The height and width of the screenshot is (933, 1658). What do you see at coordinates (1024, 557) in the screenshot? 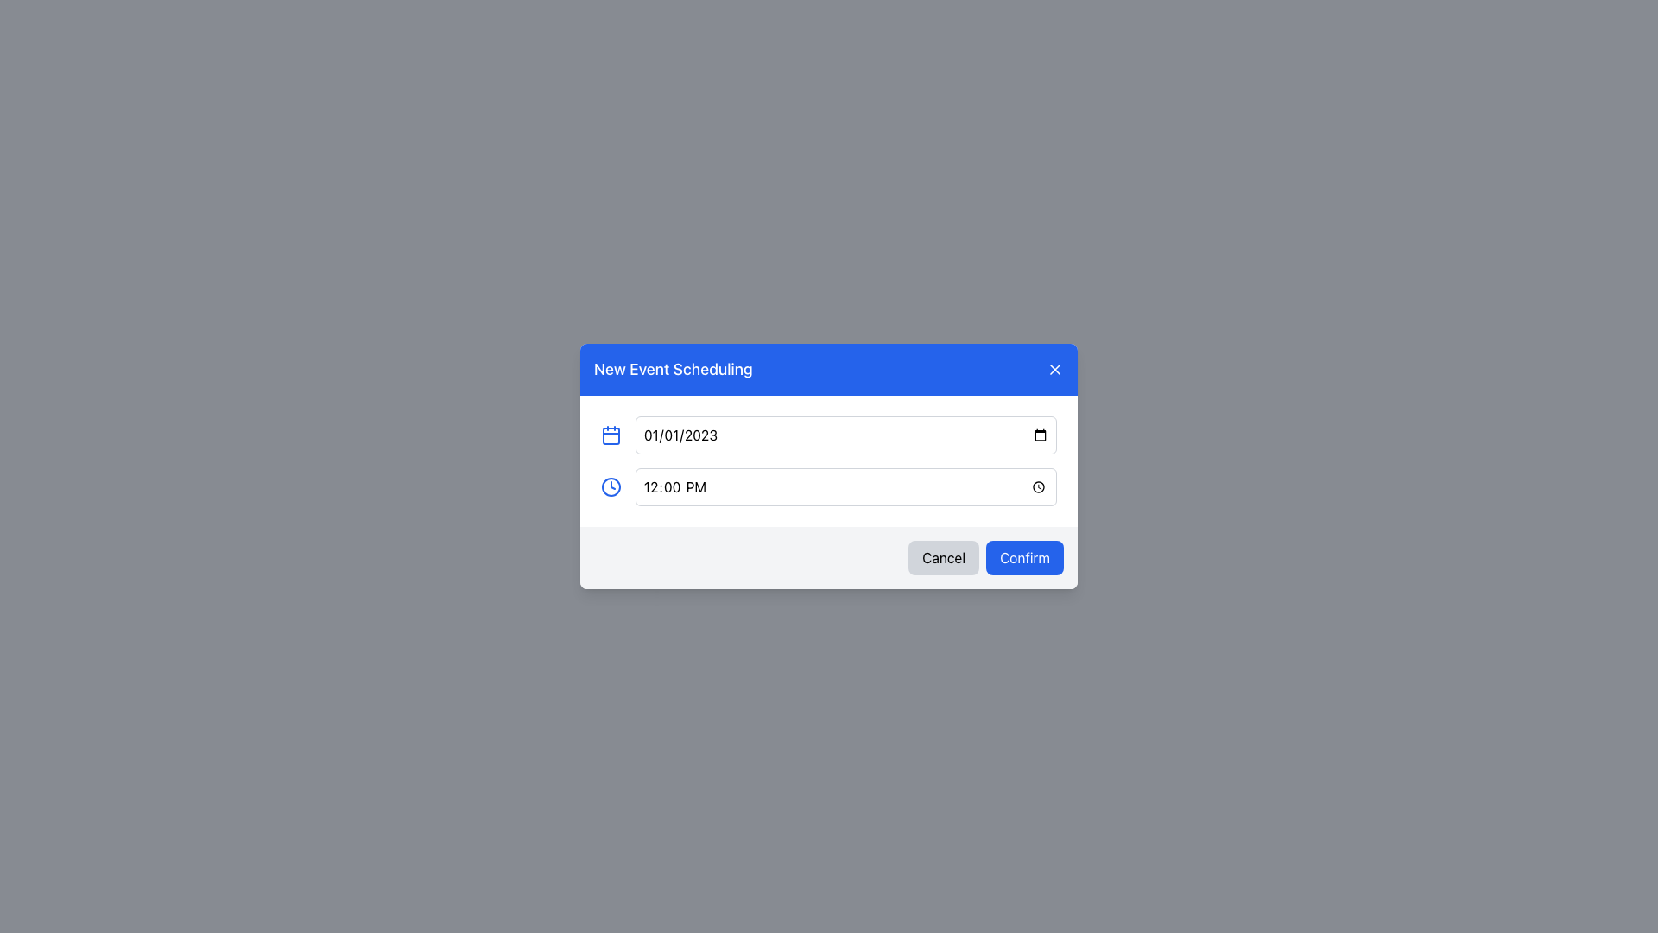
I see `the rightmost confirm button located at the bottom of the modal dialog to confirm the action and close the dialog` at bounding box center [1024, 557].